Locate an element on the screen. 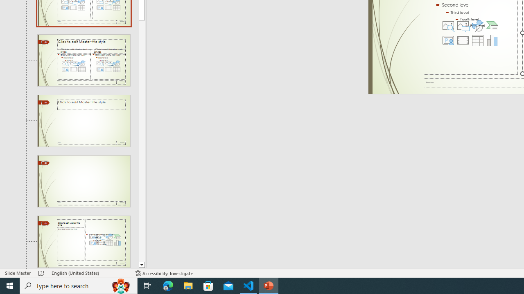  'Stock Images' is located at coordinates (448, 25).